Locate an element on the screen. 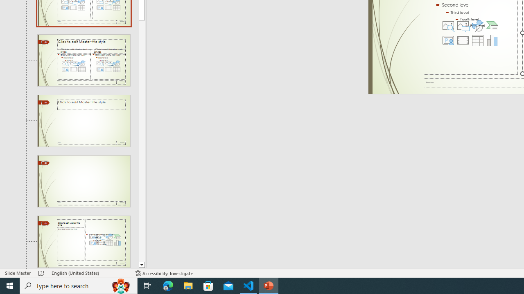  'Stock Images' is located at coordinates (448, 25).